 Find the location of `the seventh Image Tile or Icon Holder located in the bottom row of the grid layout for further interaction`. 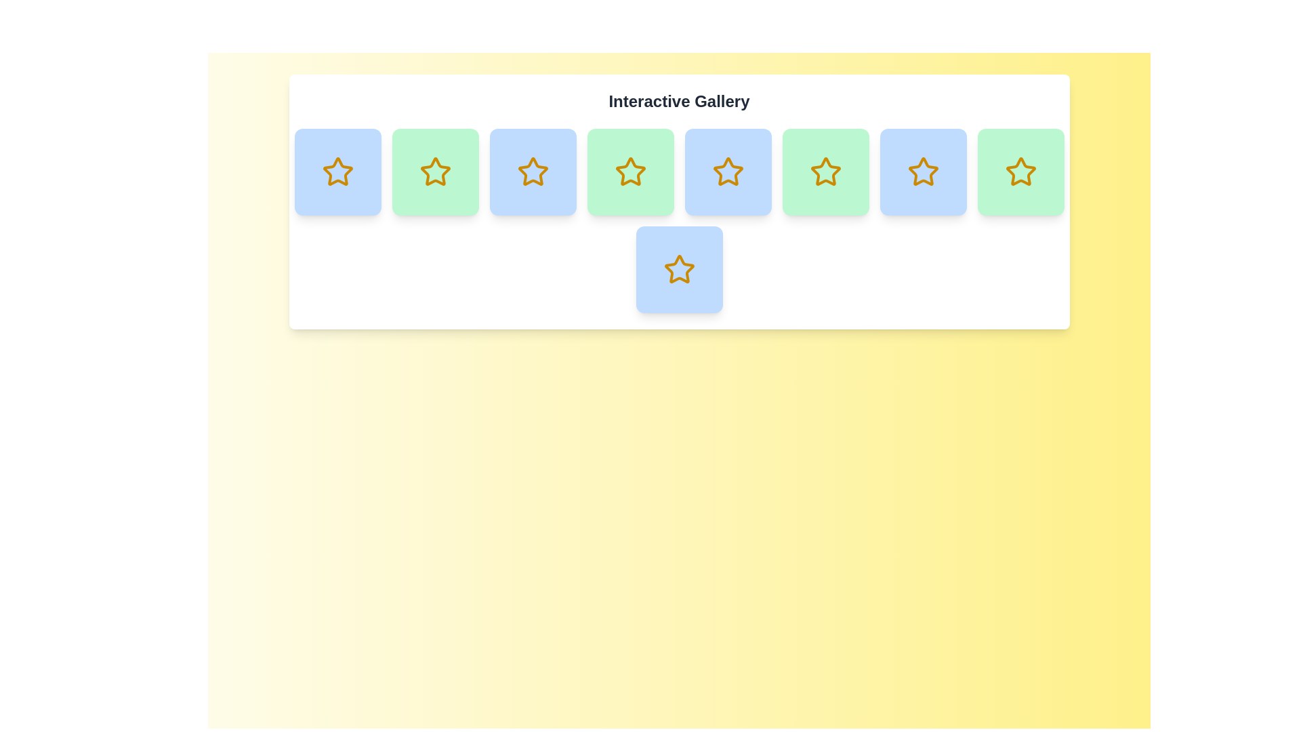

the seventh Image Tile or Icon Holder located in the bottom row of the grid layout for further interaction is located at coordinates (679, 269).